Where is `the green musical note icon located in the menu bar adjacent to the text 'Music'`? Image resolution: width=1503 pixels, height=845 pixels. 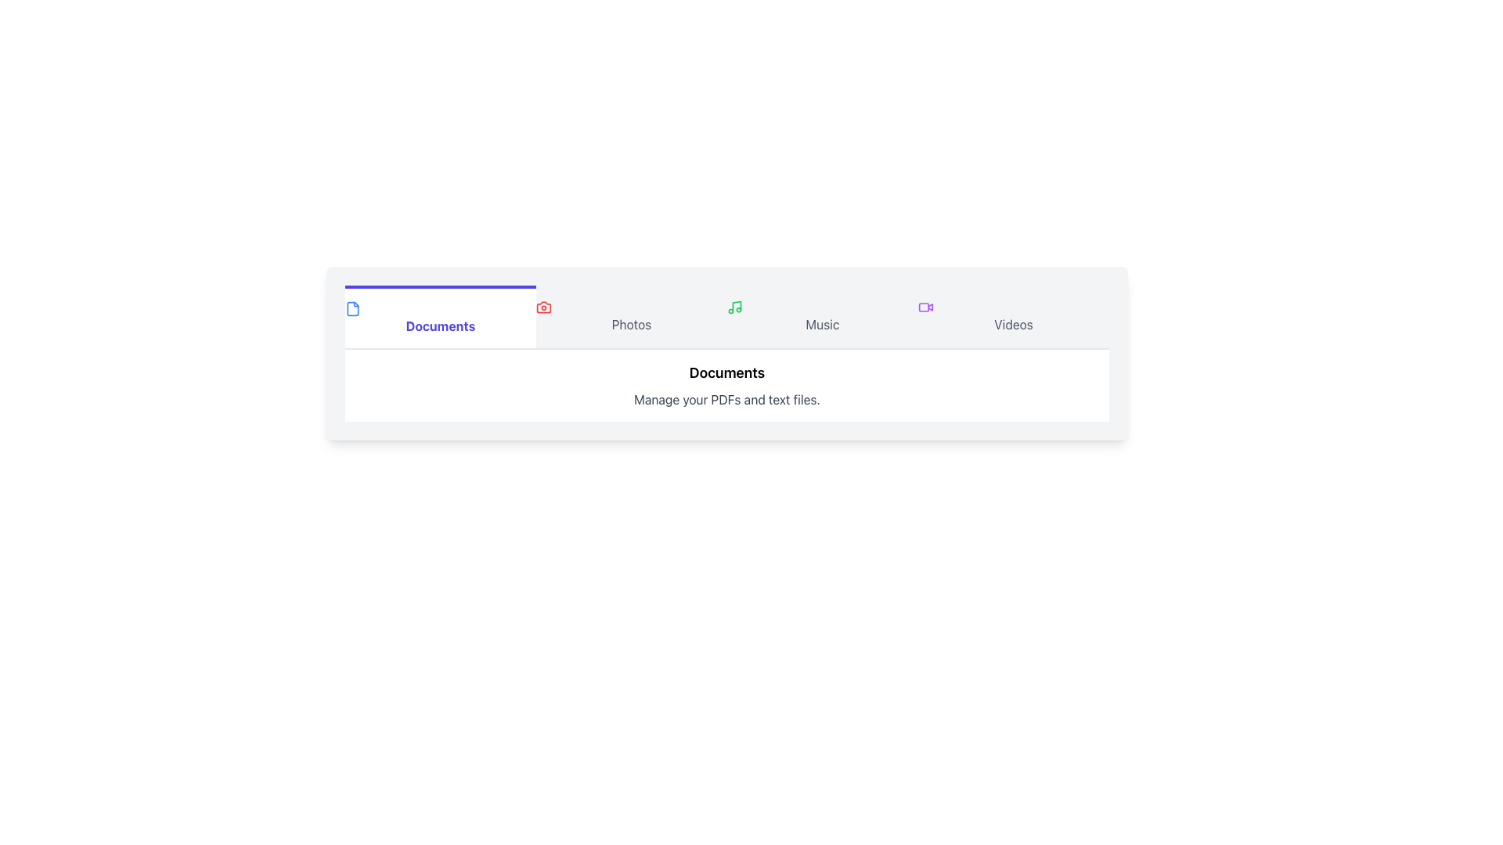
the green musical note icon located in the menu bar adjacent to the text 'Music' is located at coordinates (734, 307).